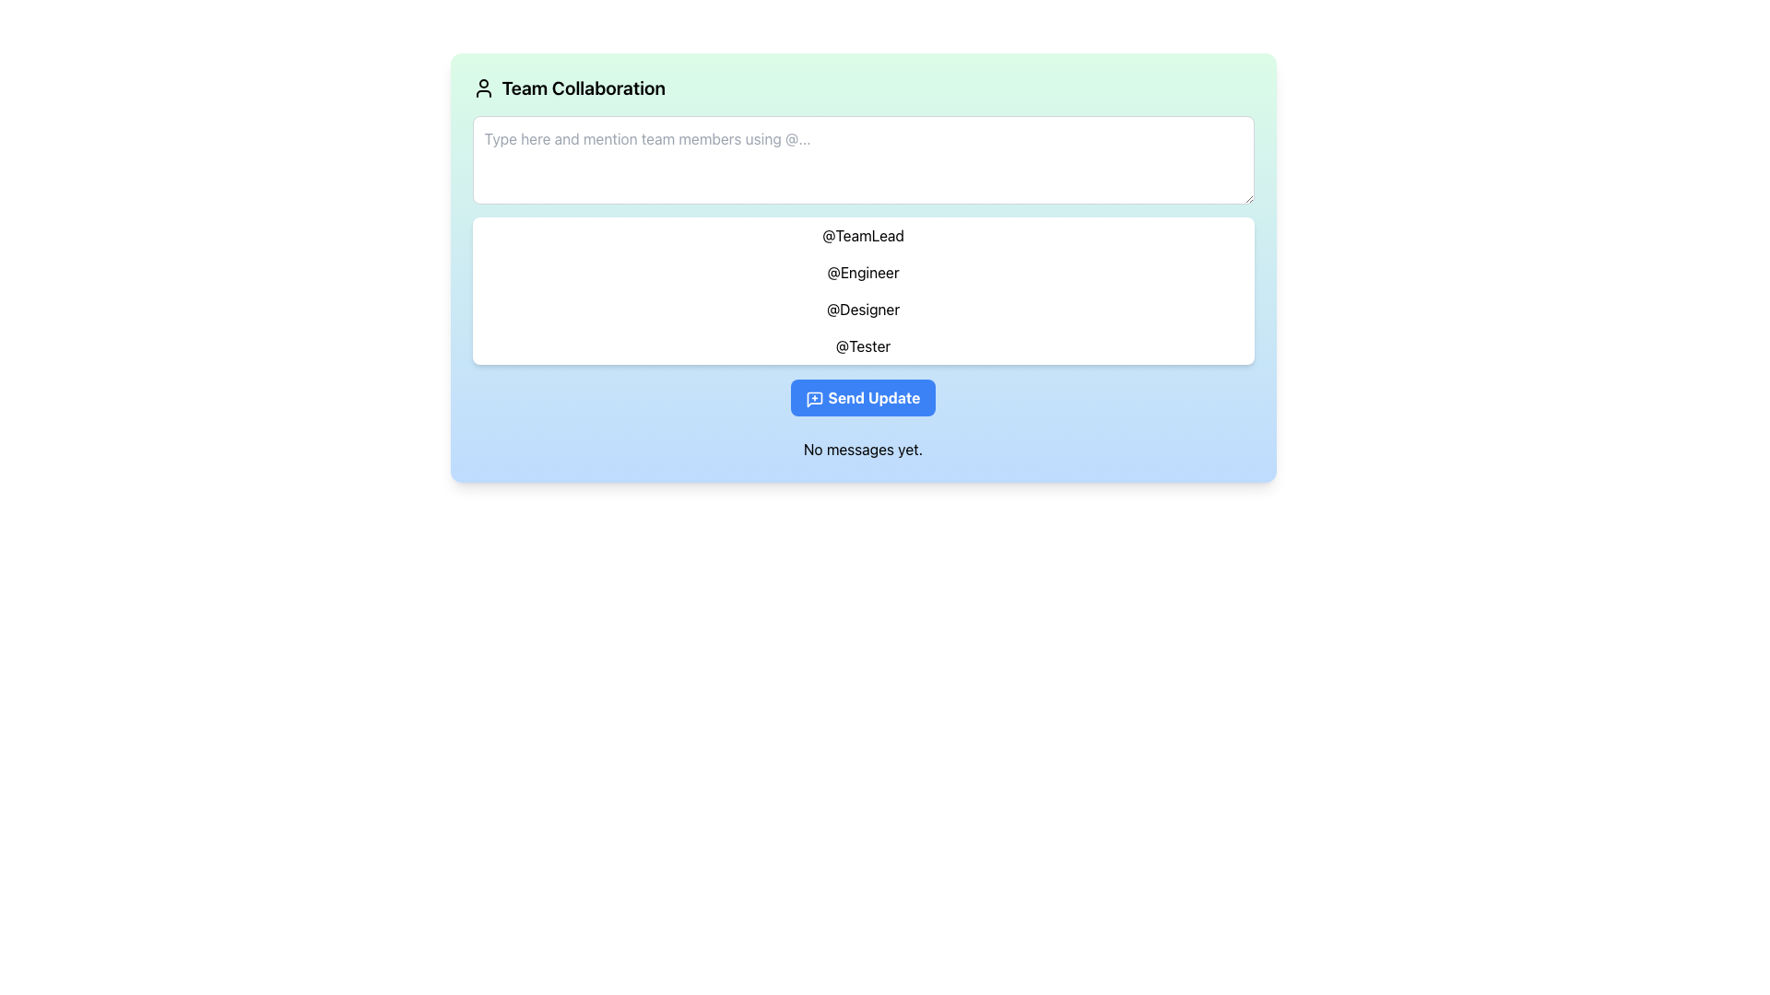 This screenshot has width=1770, height=995. Describe the element at coordinates (862, 345) in the screenshot. I see `the fourth List Item` at that location.